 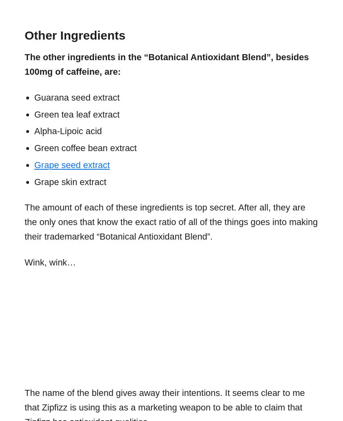 I want to click on 'Grape skin extract', so click(x=34, y=181).